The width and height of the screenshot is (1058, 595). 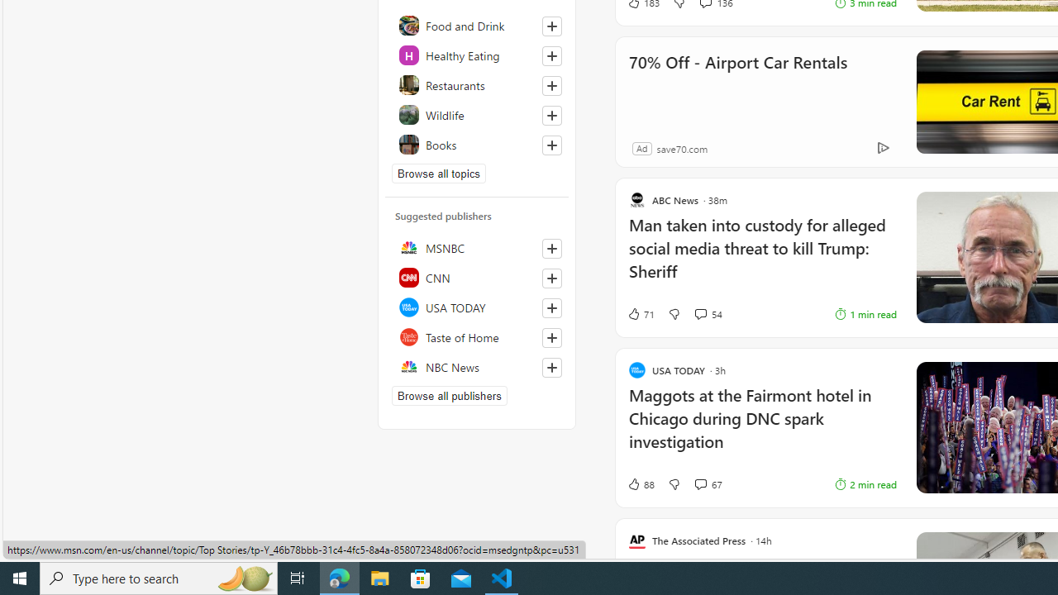 What do you see at coordinates (640, 483) in the screenshot?
I see `'88 Like'` at bounding box center [640, 483].